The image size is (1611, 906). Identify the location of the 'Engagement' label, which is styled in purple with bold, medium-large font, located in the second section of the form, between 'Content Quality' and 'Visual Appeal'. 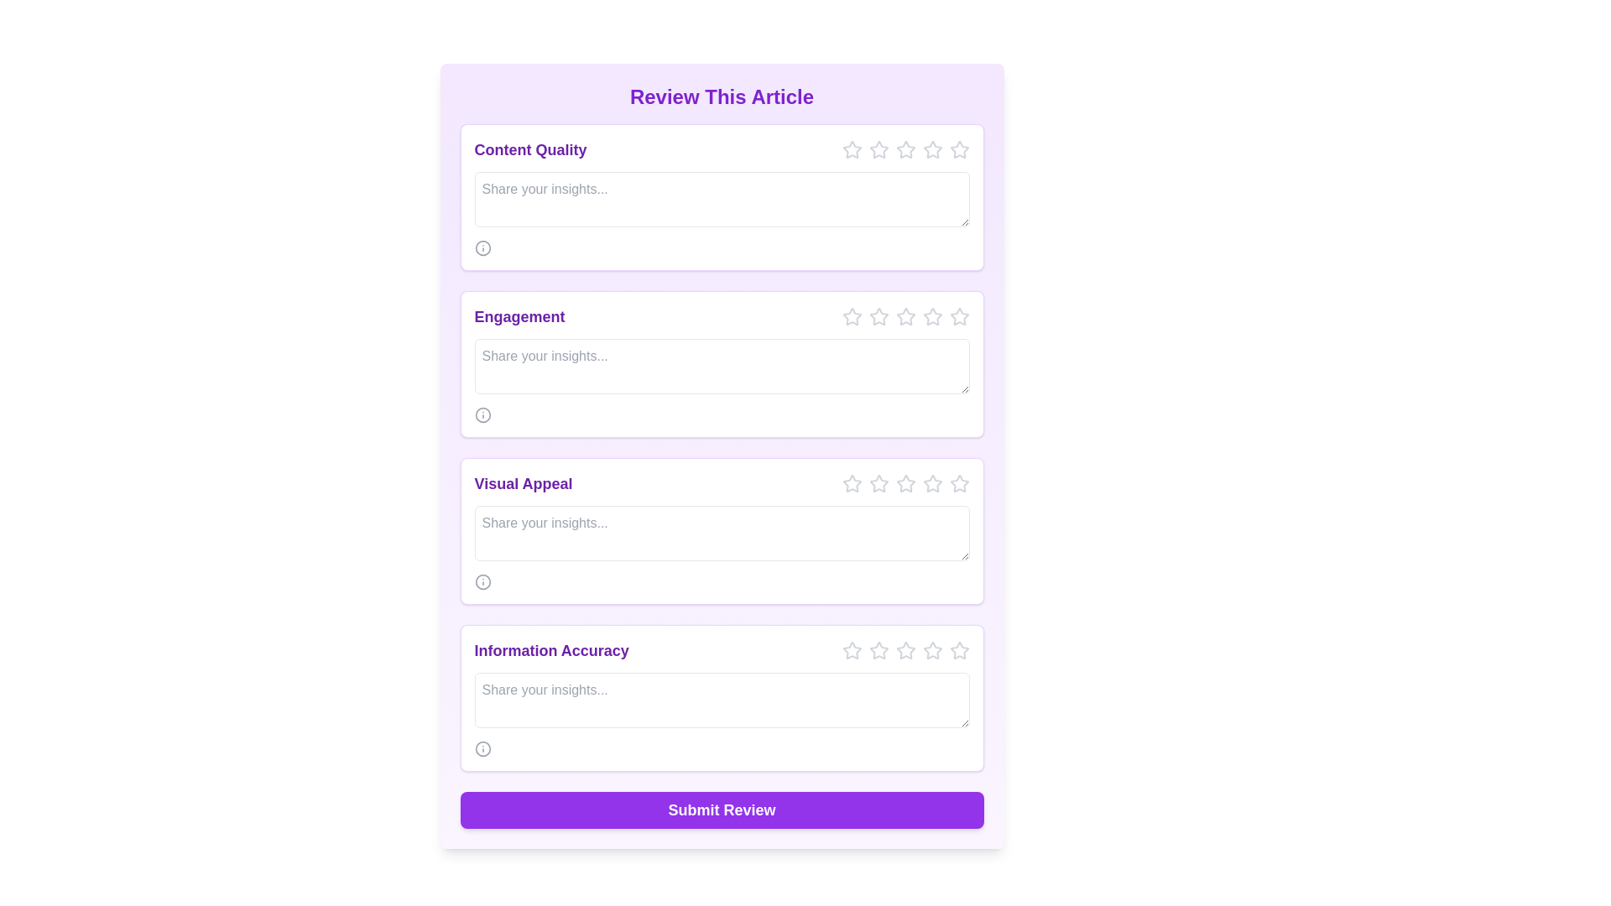
(519, 317).